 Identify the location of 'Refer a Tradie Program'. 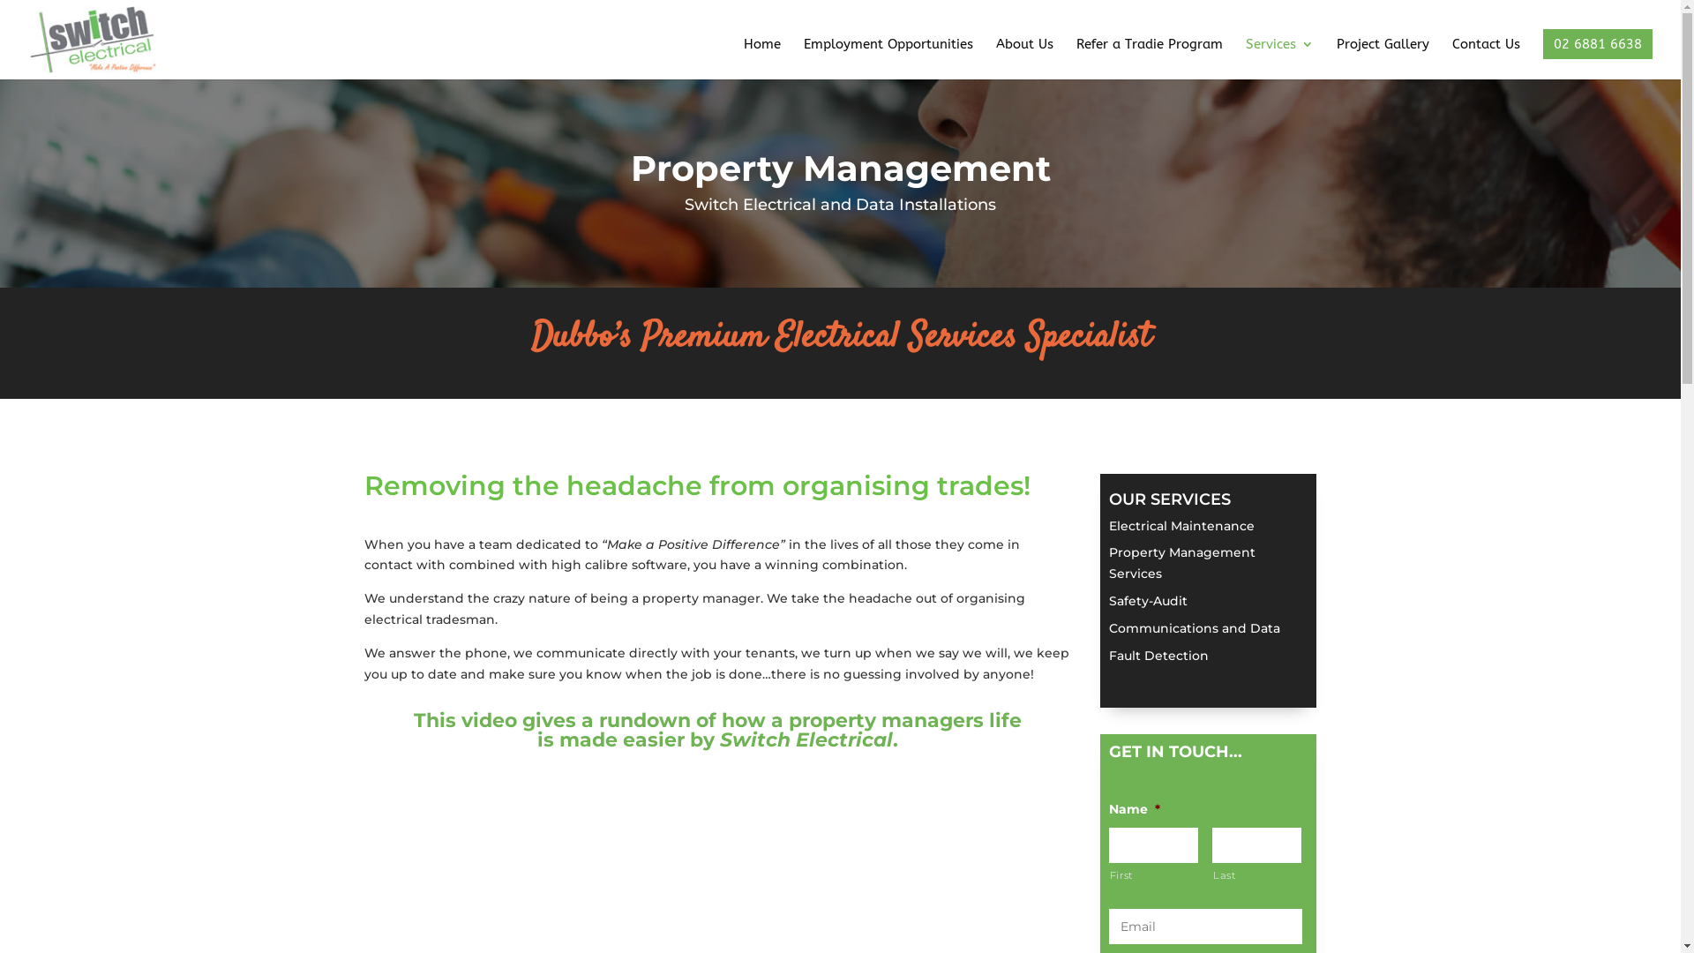
(1075, 57).